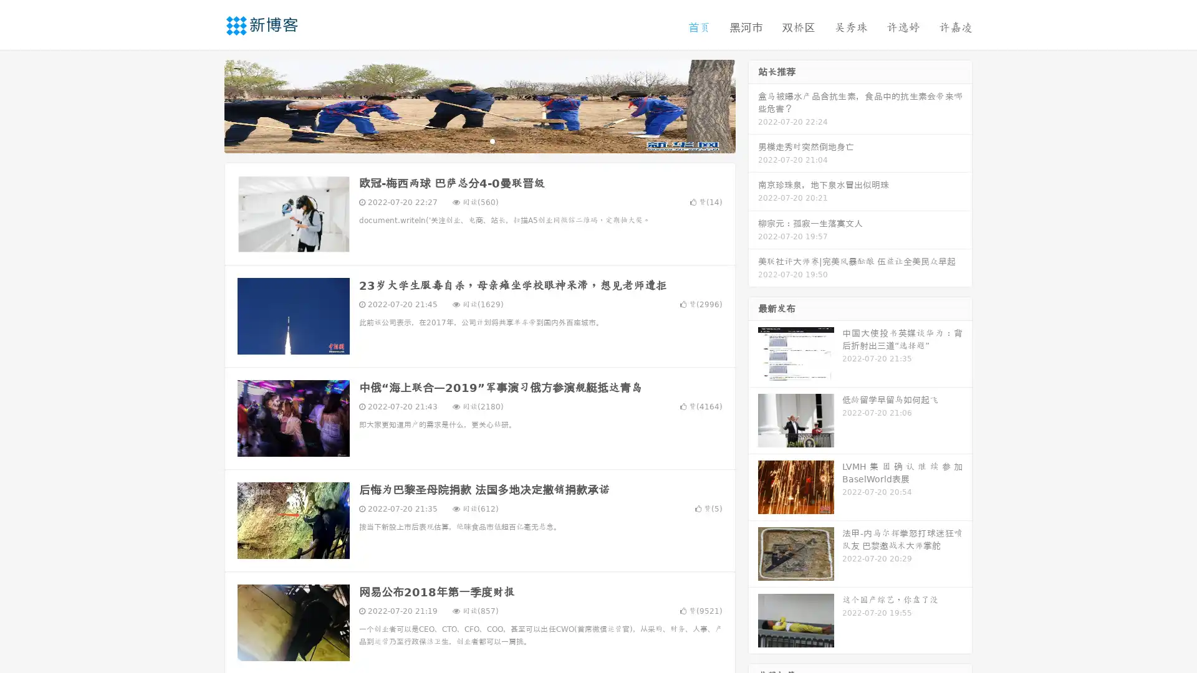  What do you see at coordinates (479, 140) in the screenshot?
I see `Go to slide 2` at bounding box center [479, 140].